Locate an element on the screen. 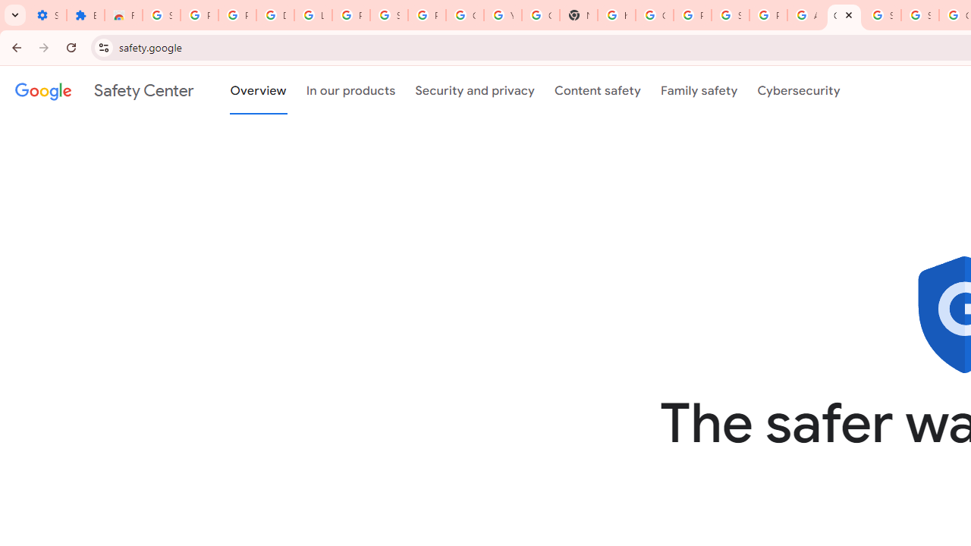 This screenshot has height=546, width=971. 'Google Account' is located at coordinates (464, 15).